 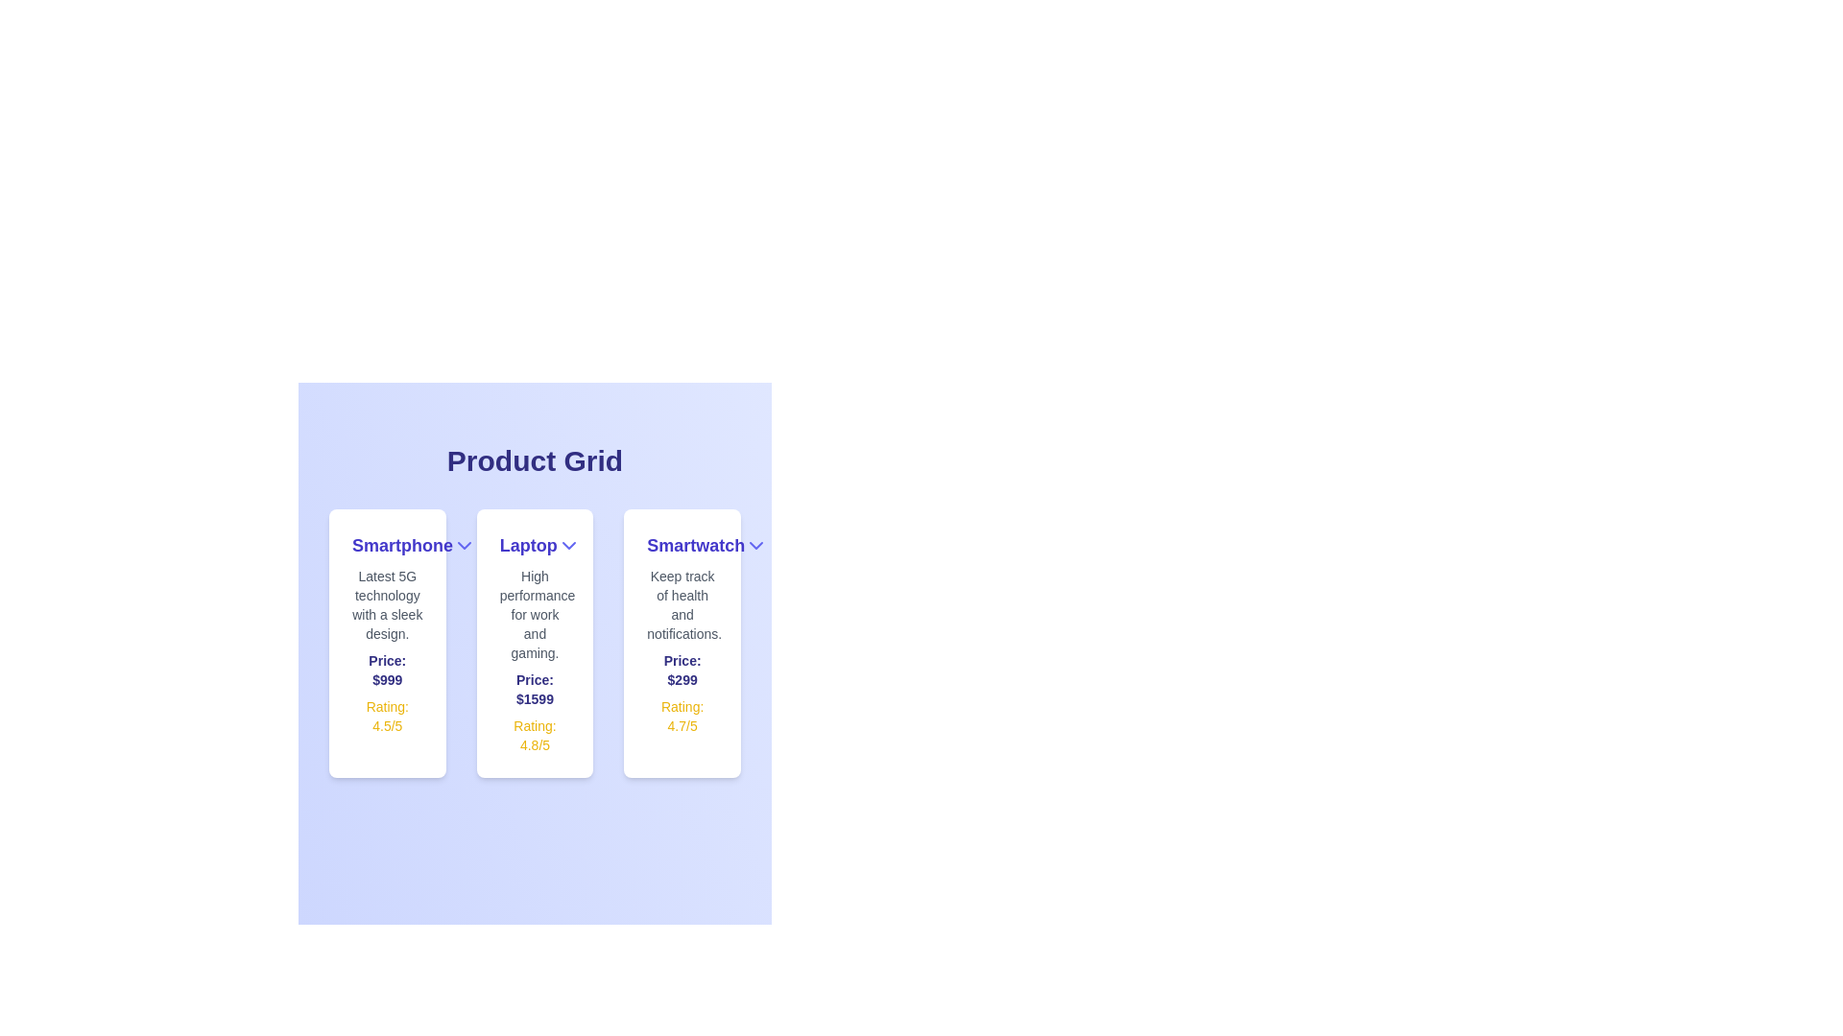 What do you see at coordinates (682, 717) in the screenshot?
I see `the rating text indicating the value out of 5 for the 'Smartwatch' product, located at the bottom of the product card` at bounding box center [682, 717].